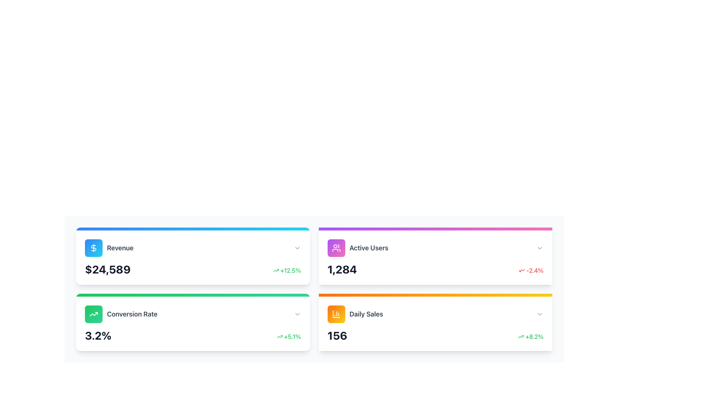  What do you see at coordinates (435, 229) in the screenshot?
I see `the Decorative bar located at the top of the 'Active Users' card, which features a gradient from purple to pink` at bounding box center [435, 229].